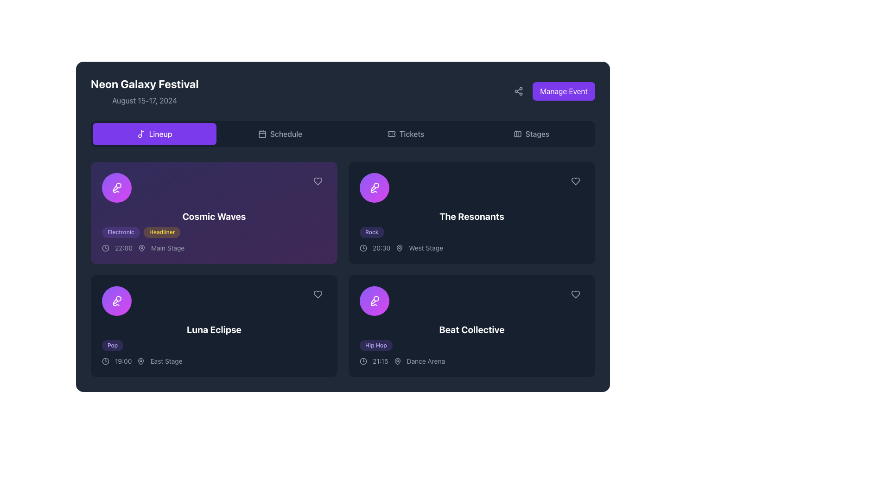  Describe the element at coordinates (517, 134) in the screenshot. I see `the 'Stages' icon located in the rightmost position of the menu tab row that includes 'Lineup', 'Schedule', and 'Tickets' to interact with the 'Stages' section` at that location.